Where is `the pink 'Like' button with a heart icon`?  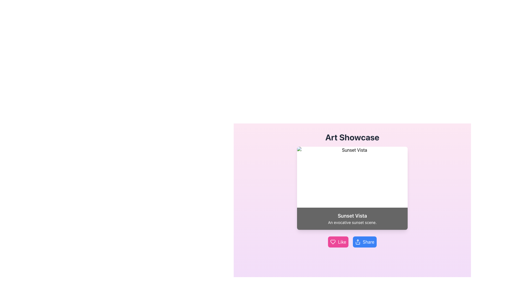
the pink 'Like' button with a heart icon is located at coordinates (338, 242).